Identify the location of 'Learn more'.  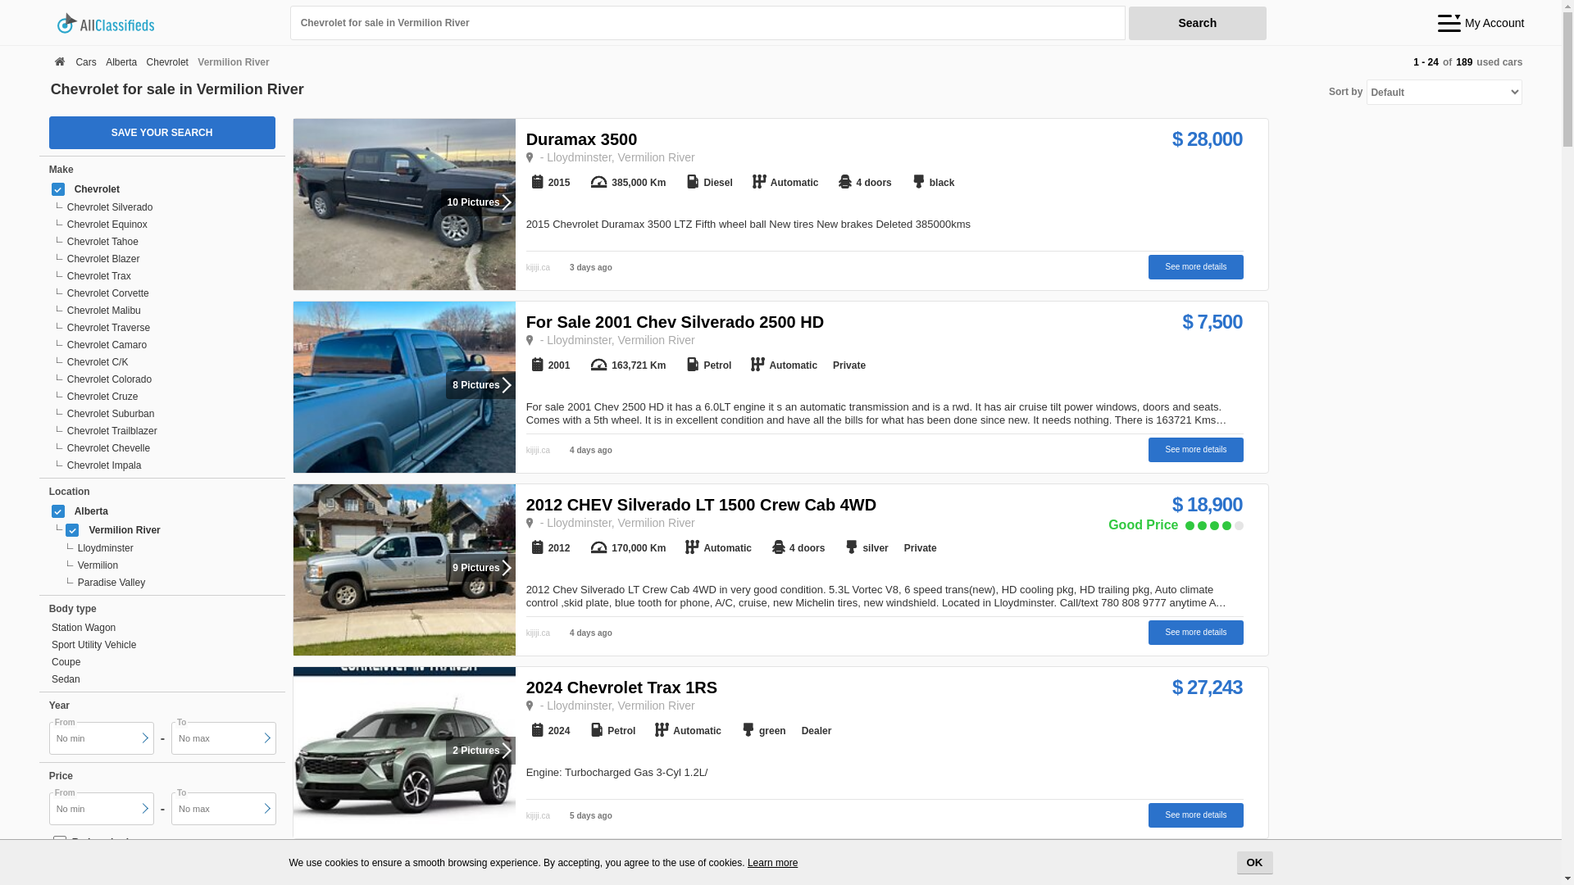
(747, 862).